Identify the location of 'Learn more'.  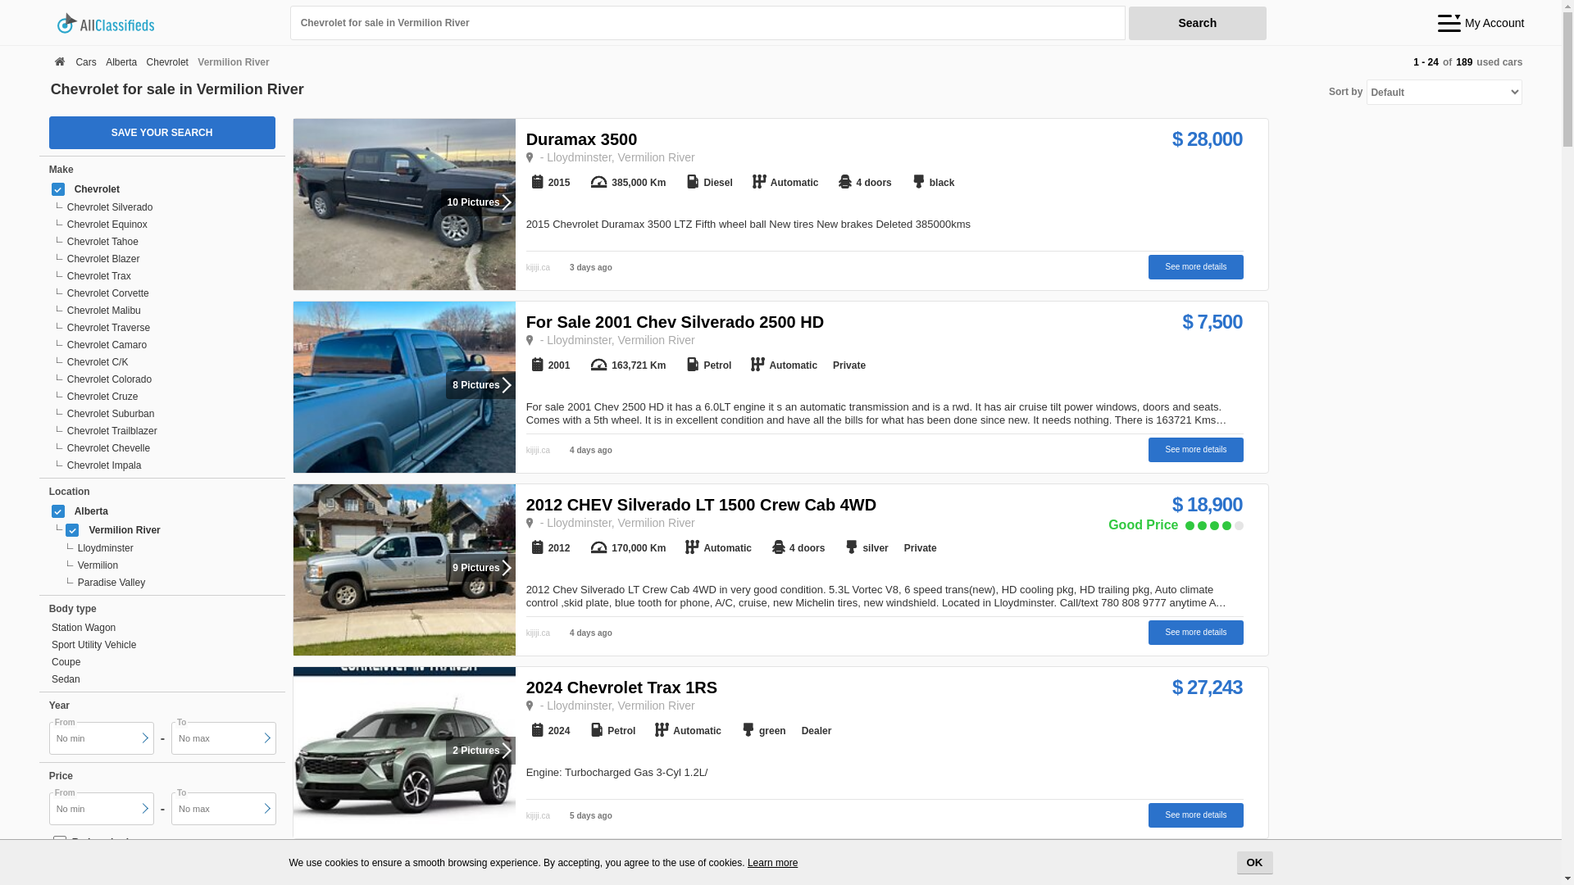
(747, 862).